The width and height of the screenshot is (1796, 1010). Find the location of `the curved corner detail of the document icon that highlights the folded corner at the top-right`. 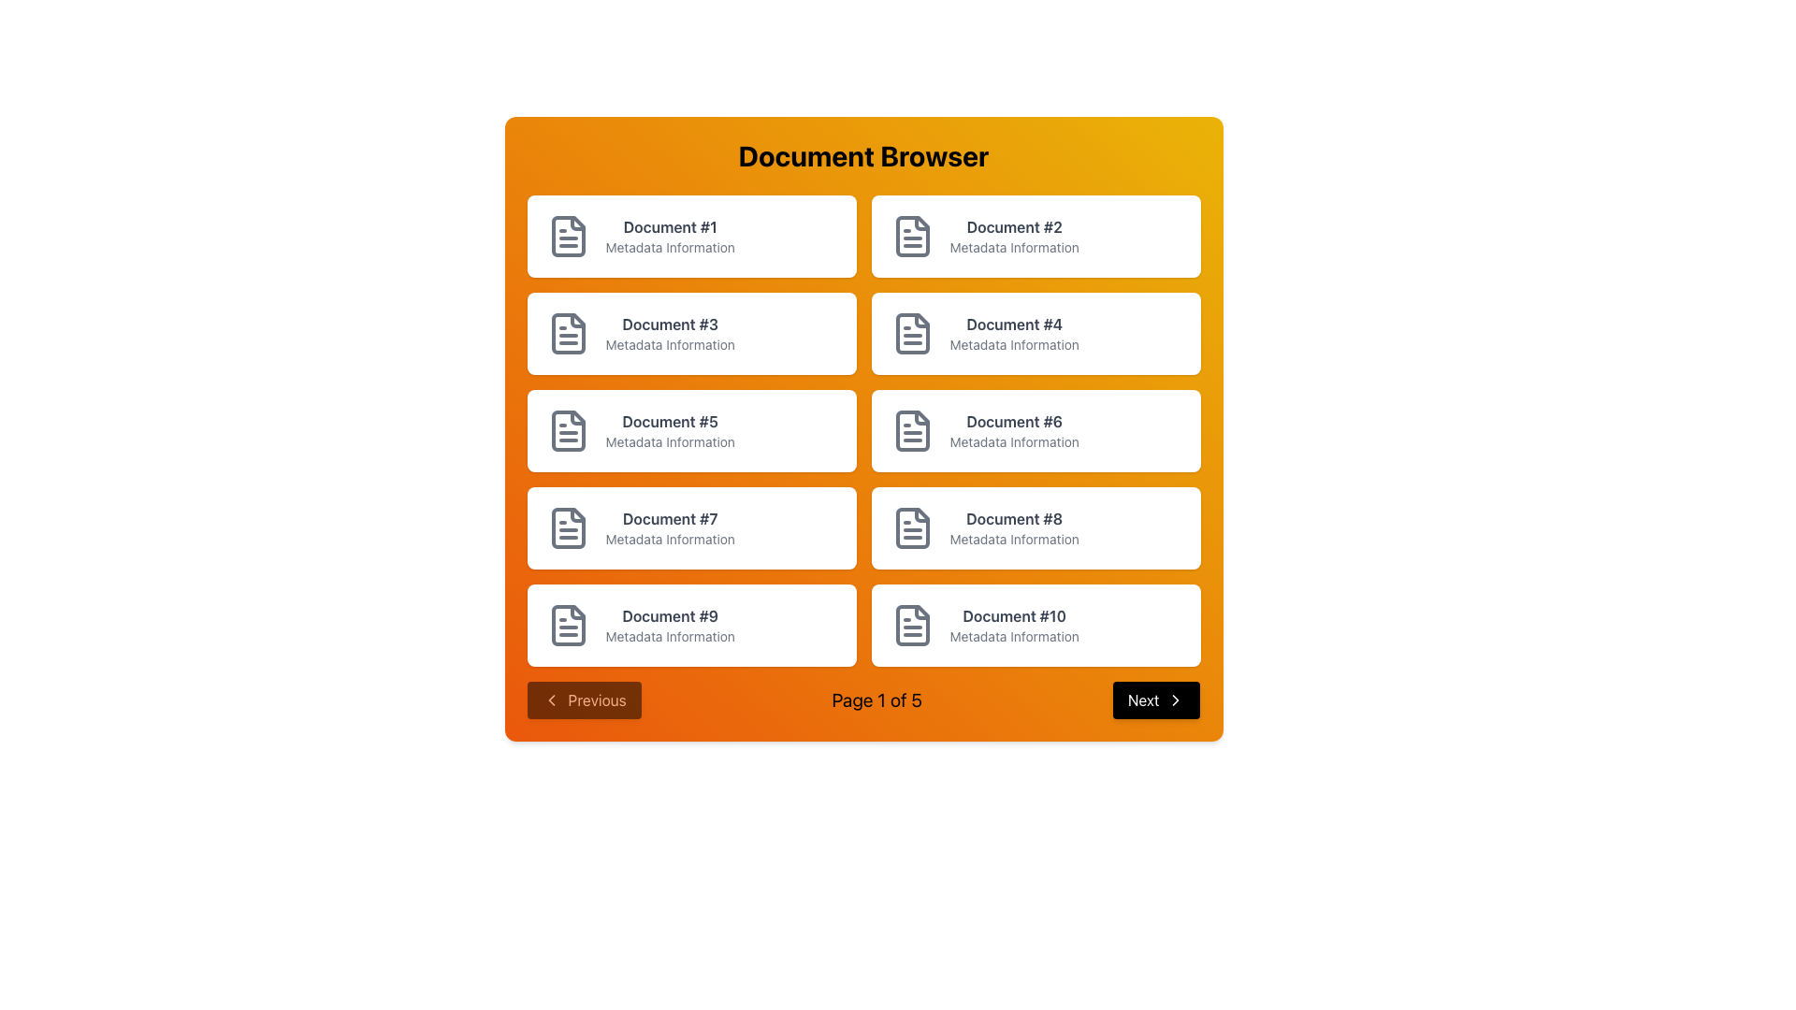

the curved corner detail of the document icon that highlights the folded corner at the top-right is located at coordinates (576, 320).